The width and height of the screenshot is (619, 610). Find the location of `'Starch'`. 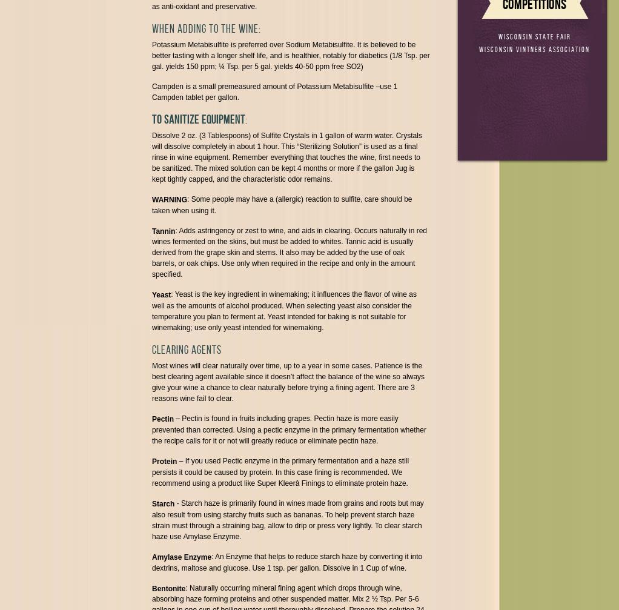

'Starch' is located at coordinates (151, 502).